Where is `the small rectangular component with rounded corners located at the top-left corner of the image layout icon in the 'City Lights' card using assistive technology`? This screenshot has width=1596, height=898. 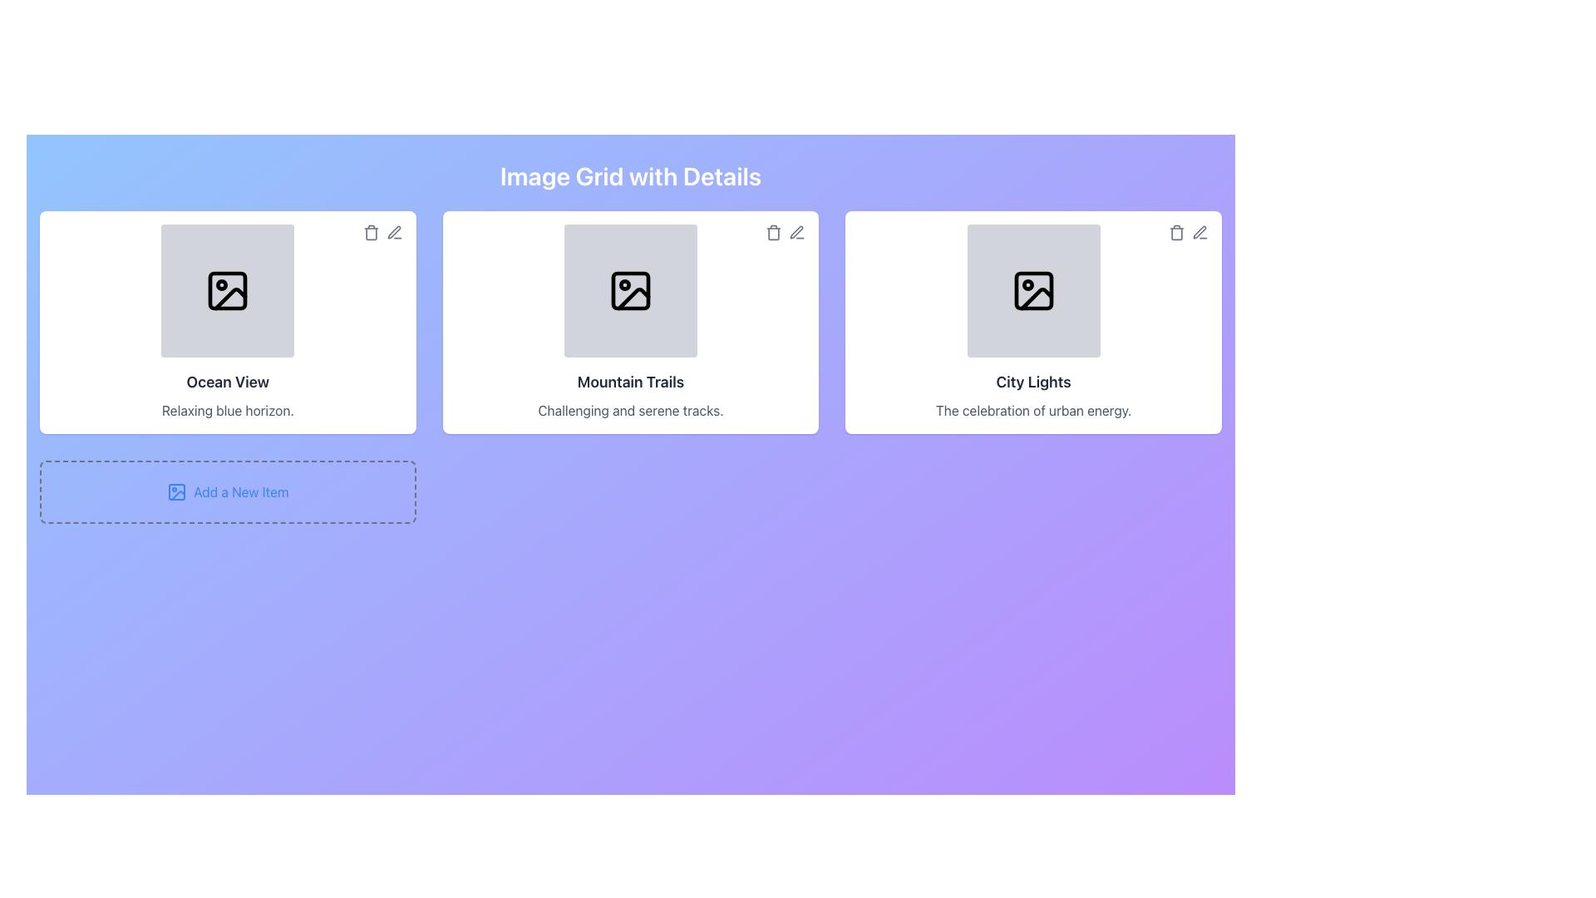 the small rectangular component with rounded corners located at the top-left corner of the image layout icon in the 'City Lights' card using assistive technology is located at coordinates (1032, 290).